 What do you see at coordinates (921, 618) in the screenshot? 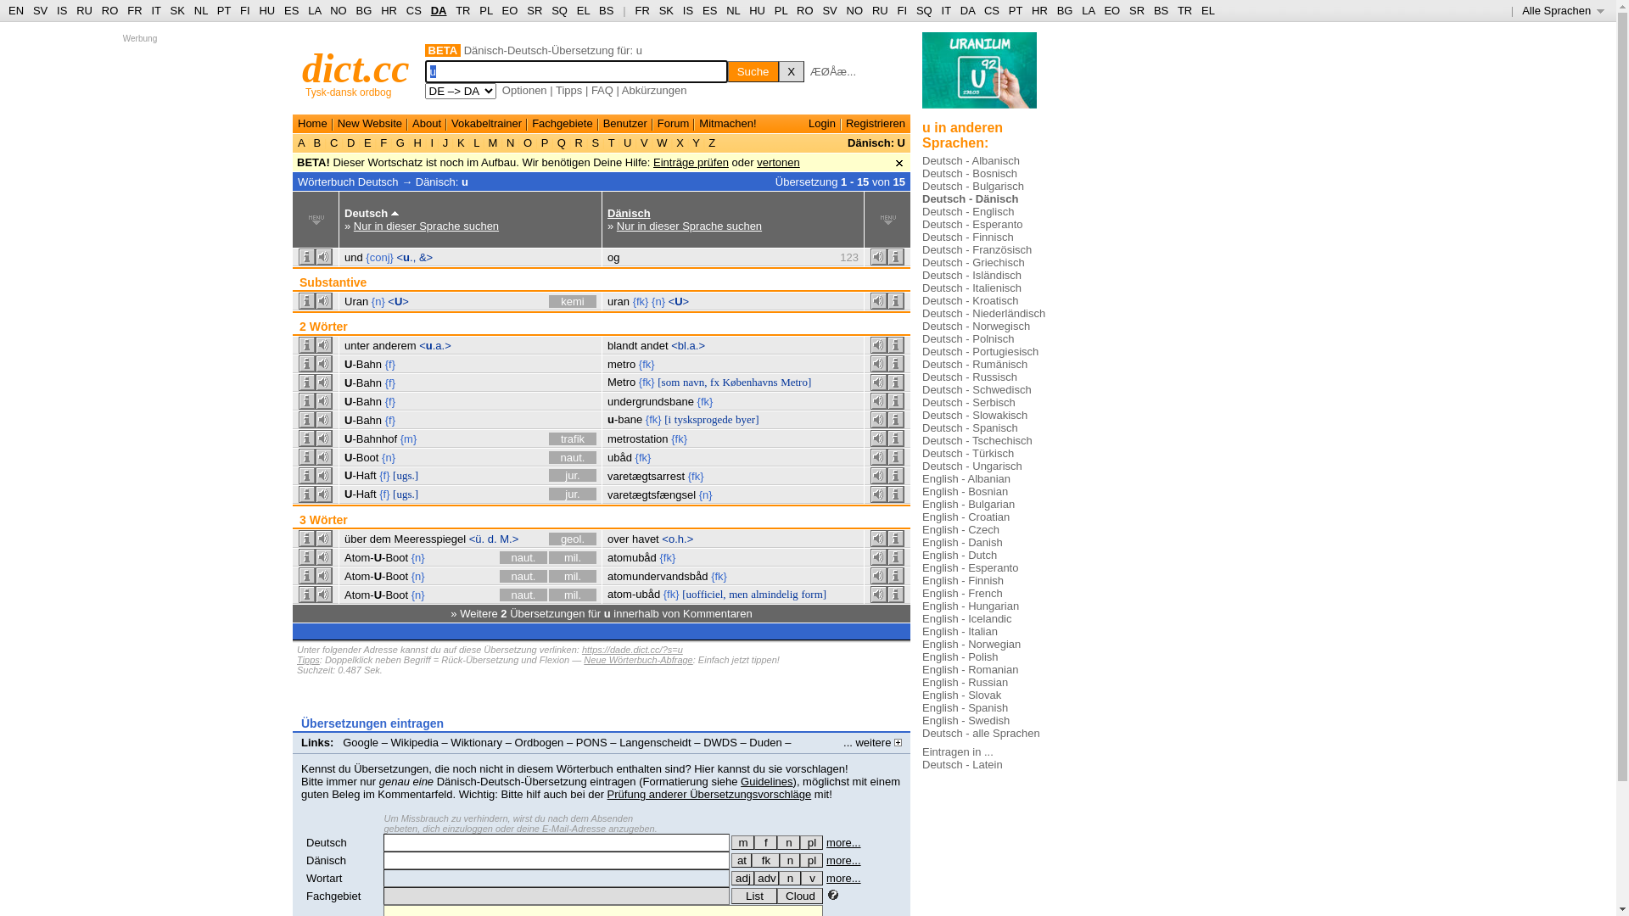
I see `'English - Icelandic'` at bounding box center [921, 618].